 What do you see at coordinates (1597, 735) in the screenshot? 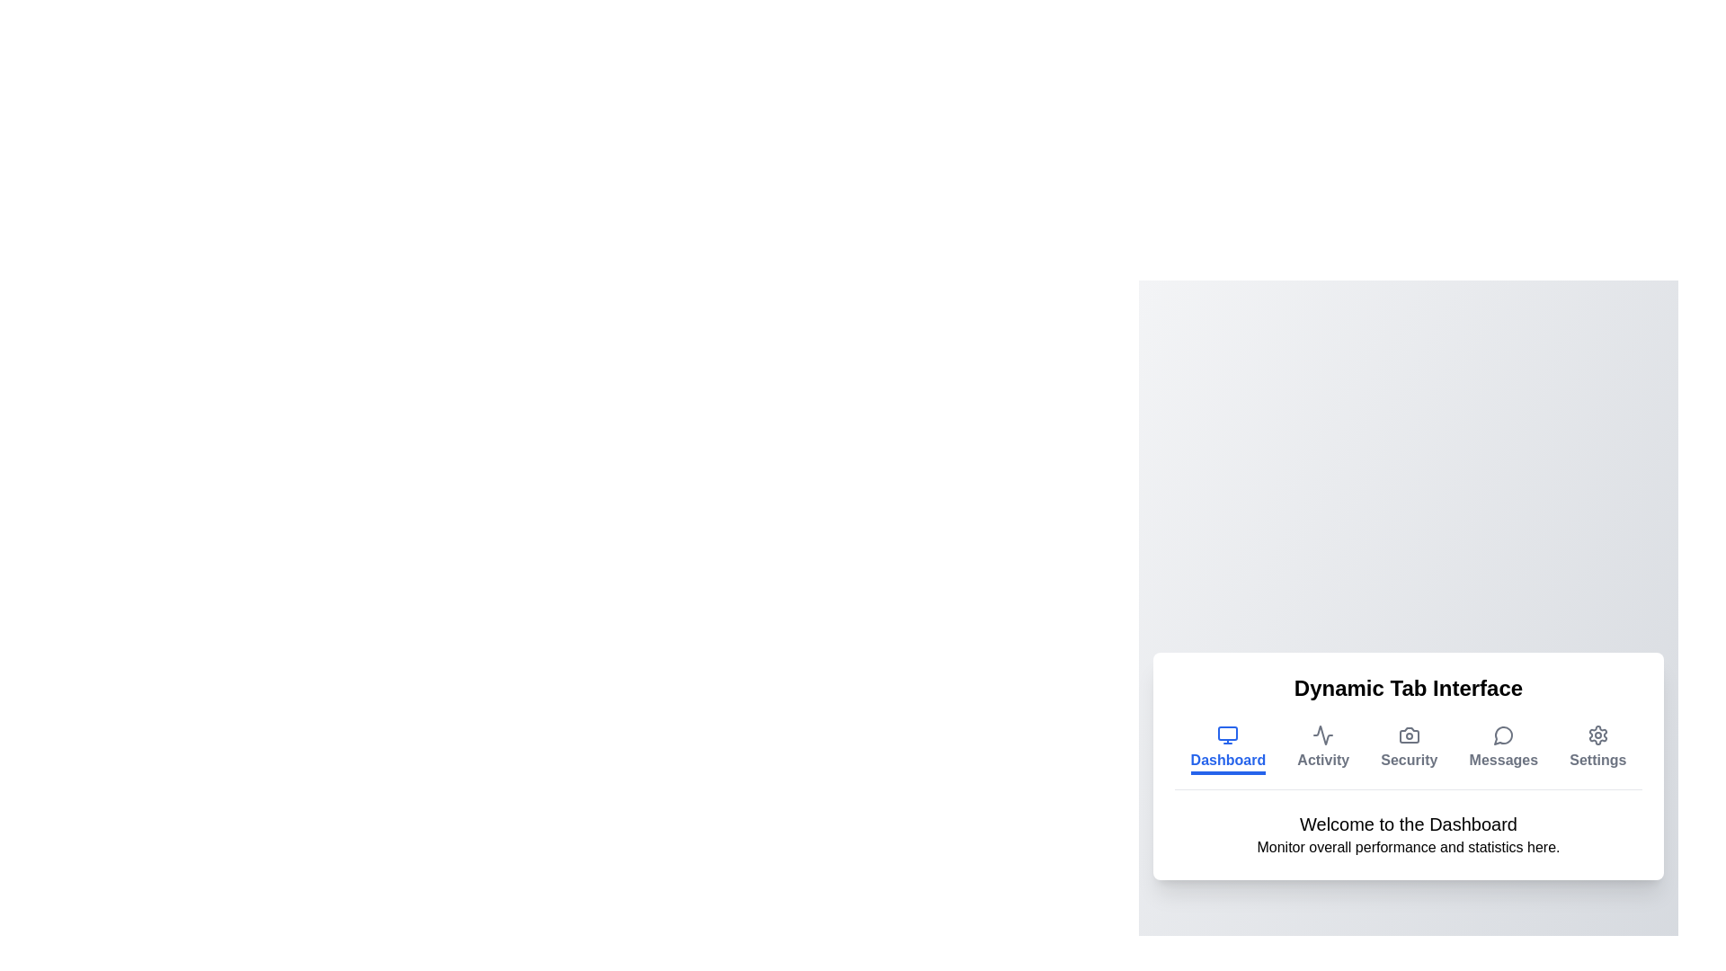
I see `the decorative graphical component of the settings icon located on the far-right side of the horizontal navigation menu below the title 'Dynamic Tab Interface'` at bounding box center [1597, 735].